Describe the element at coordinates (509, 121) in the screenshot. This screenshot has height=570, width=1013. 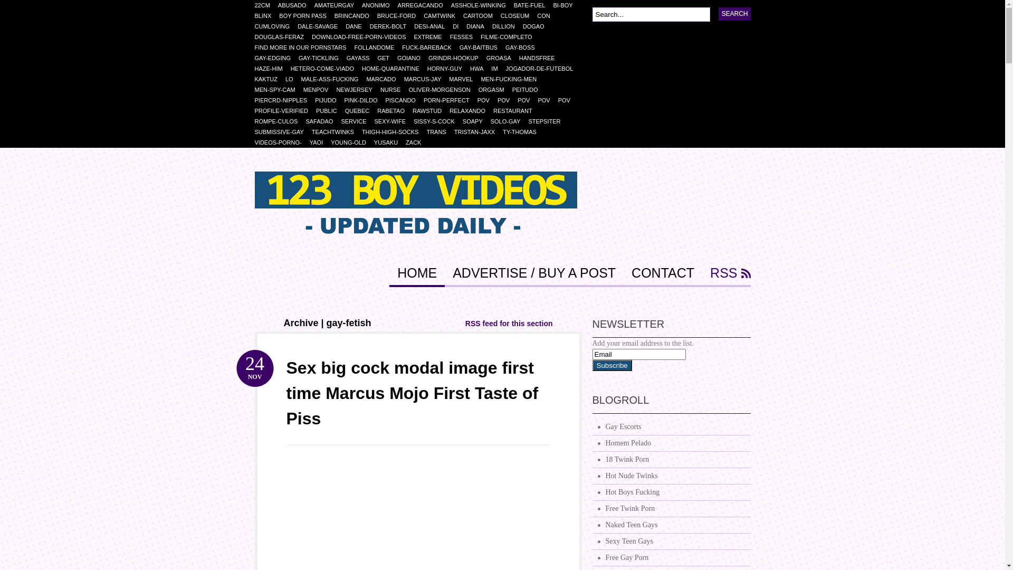
I see `'SOLO-GAY'` at that location.